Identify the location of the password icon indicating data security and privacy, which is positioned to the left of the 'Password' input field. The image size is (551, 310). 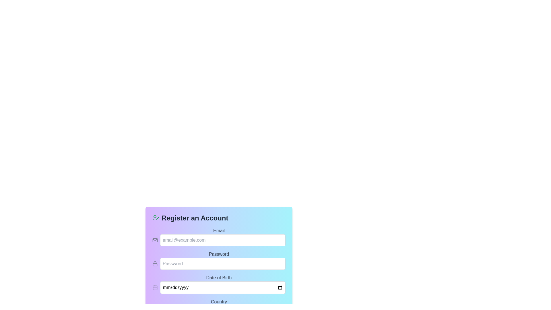
(155, 263).